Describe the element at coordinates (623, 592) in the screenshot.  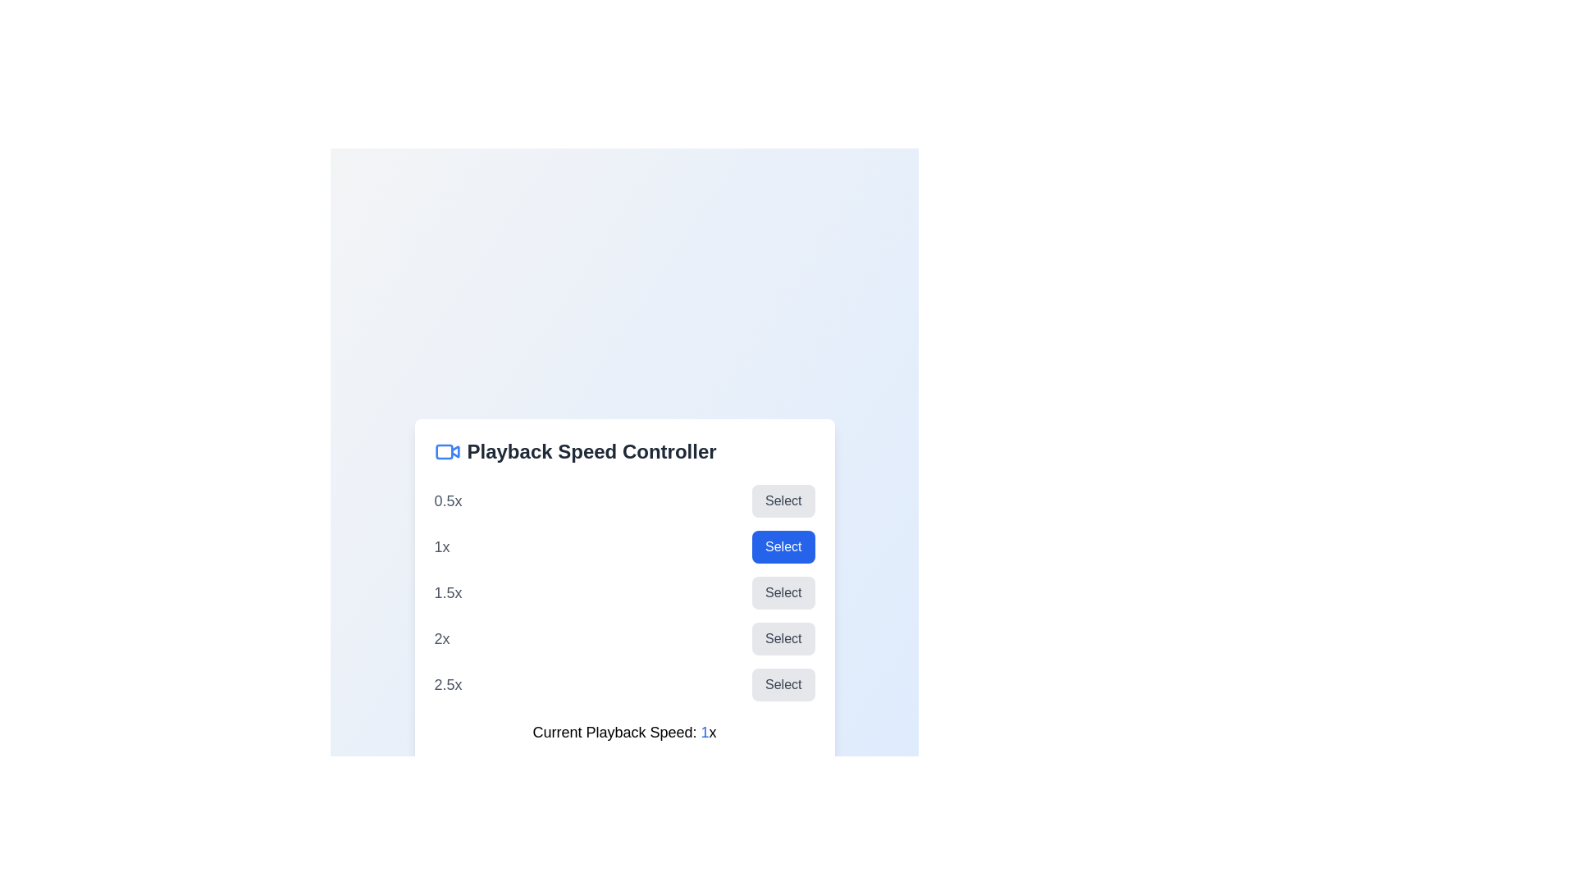
I see `the 'Select' button for the '1.5x' playback speed option in the Playback Speed Controller list using mouse` at that location.